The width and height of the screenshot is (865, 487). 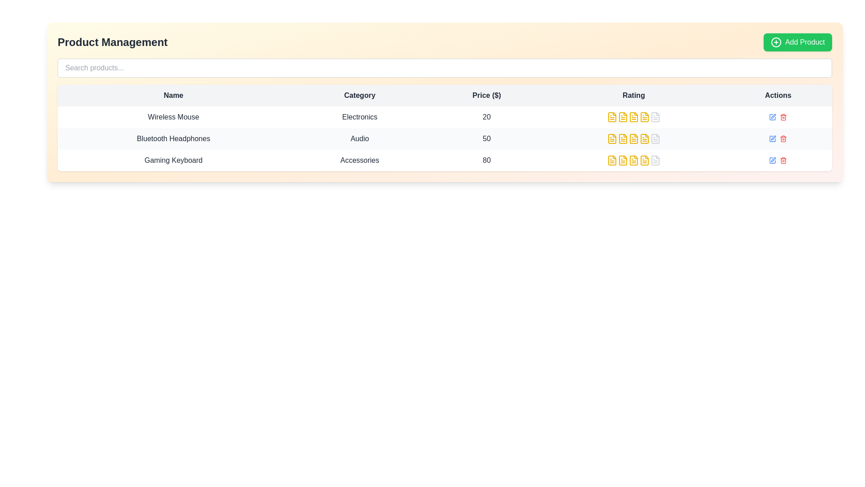 I want to click on the edit button icon located in the rightmost column of the third row under the 'Actions' heading in the table, so click(x=773, y=159).